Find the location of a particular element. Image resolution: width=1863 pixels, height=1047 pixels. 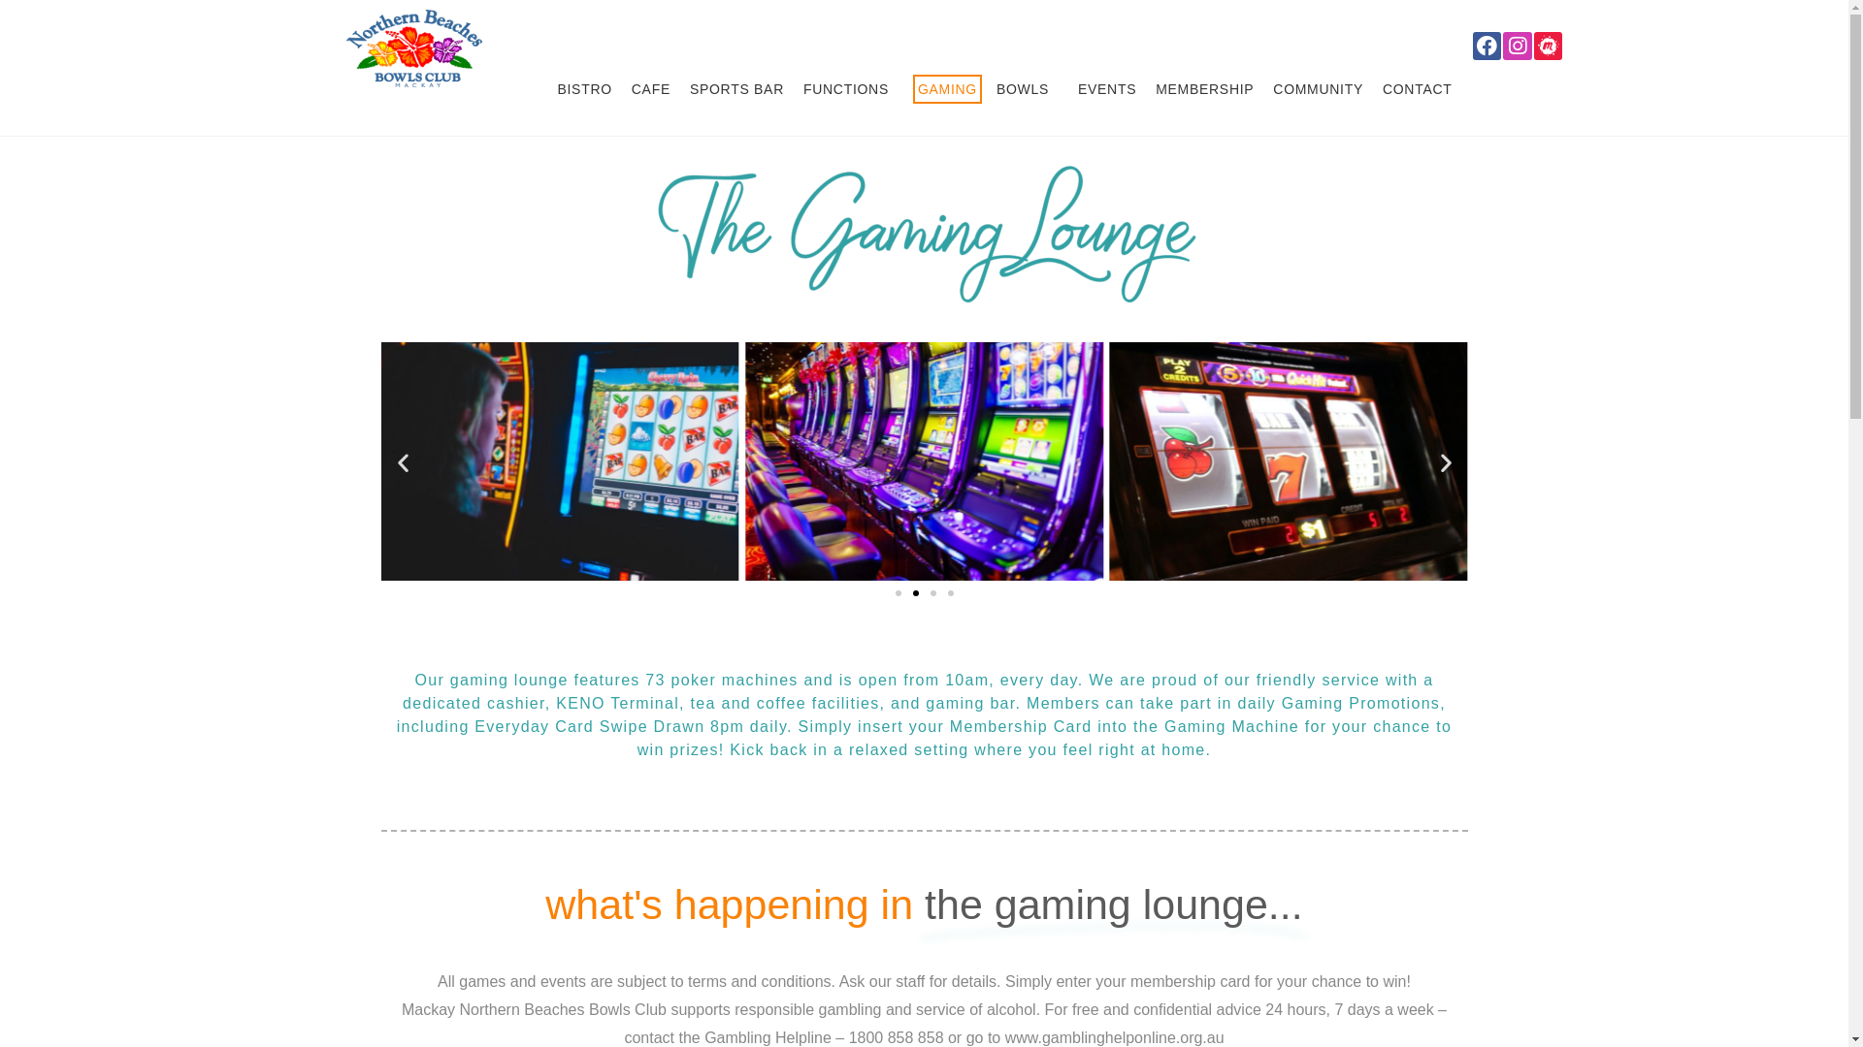

'BOWLS' is located at coordinates (992, 89).